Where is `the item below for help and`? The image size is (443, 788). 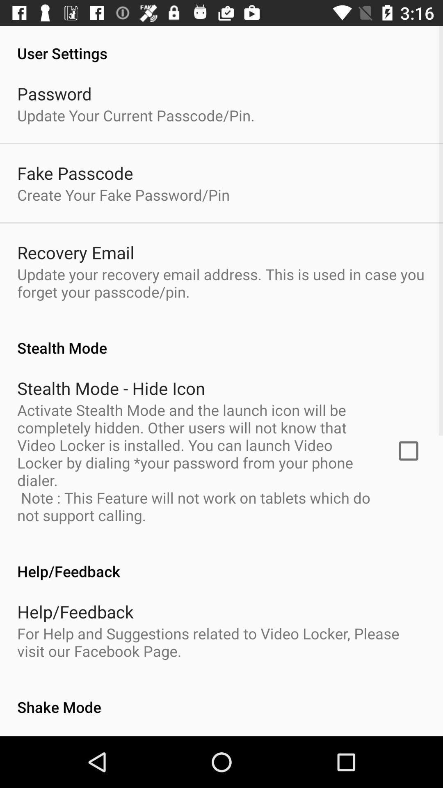 the item below for help and is located at coordinates (221, 698).